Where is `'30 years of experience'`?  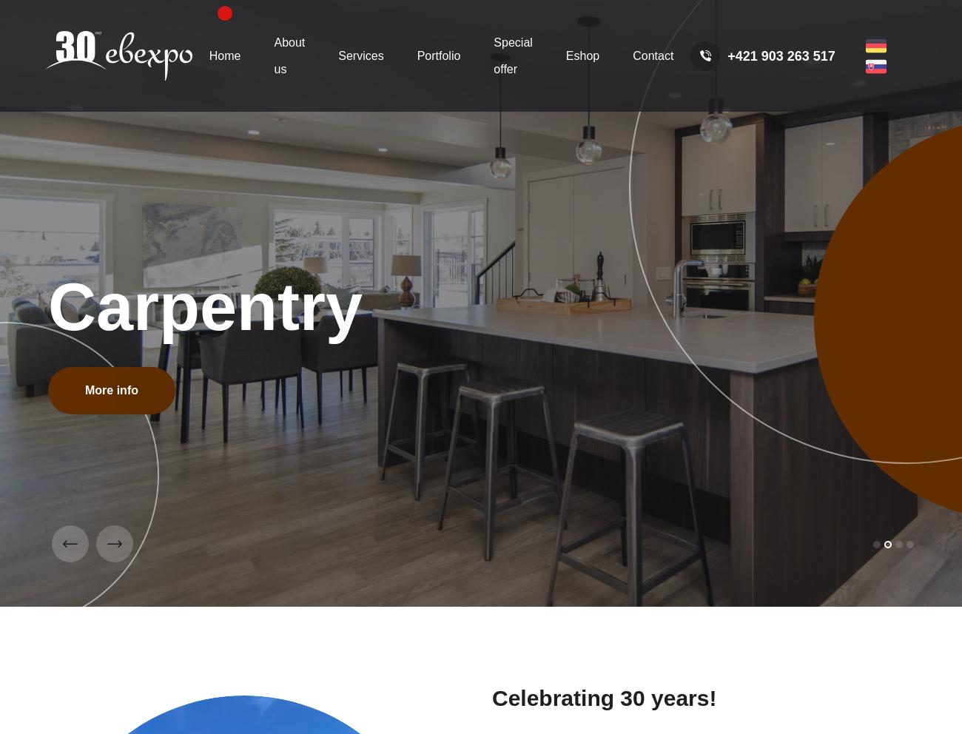 '30 years of experience' is located at coordinates (138, 632).